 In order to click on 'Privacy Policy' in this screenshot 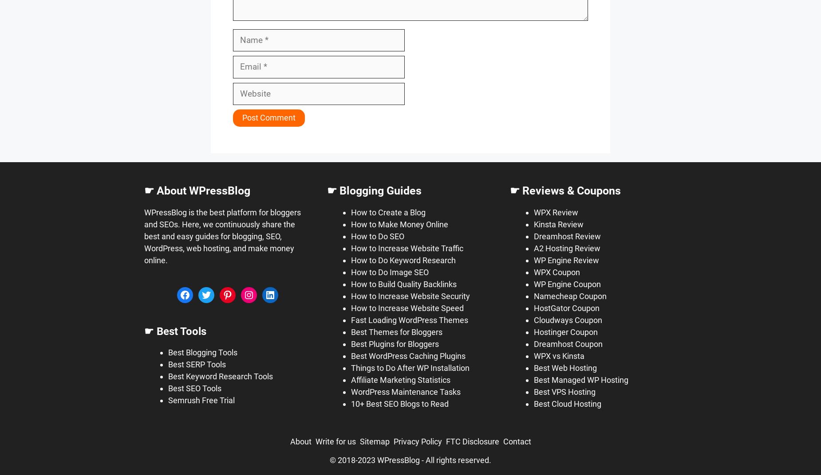, I will do `click(417, 441)`.